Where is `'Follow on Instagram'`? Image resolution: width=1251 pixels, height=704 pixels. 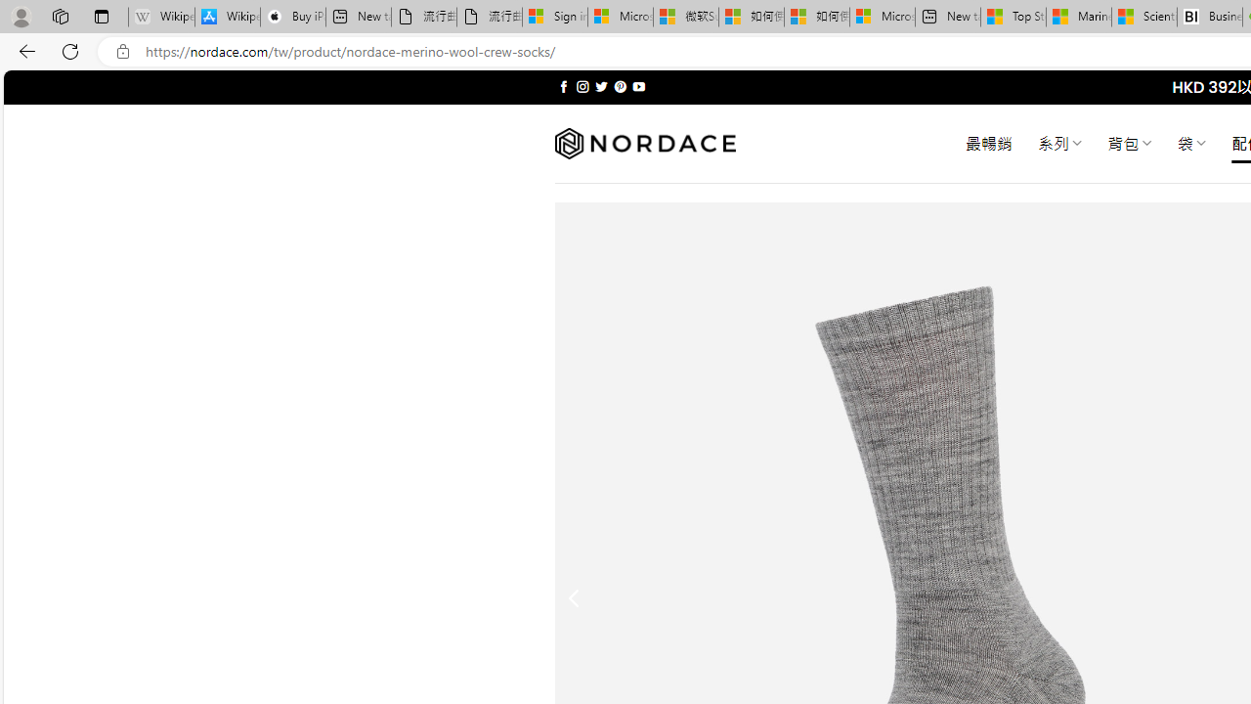 'Follow on Instagram' is located at coordinates (582, 86).